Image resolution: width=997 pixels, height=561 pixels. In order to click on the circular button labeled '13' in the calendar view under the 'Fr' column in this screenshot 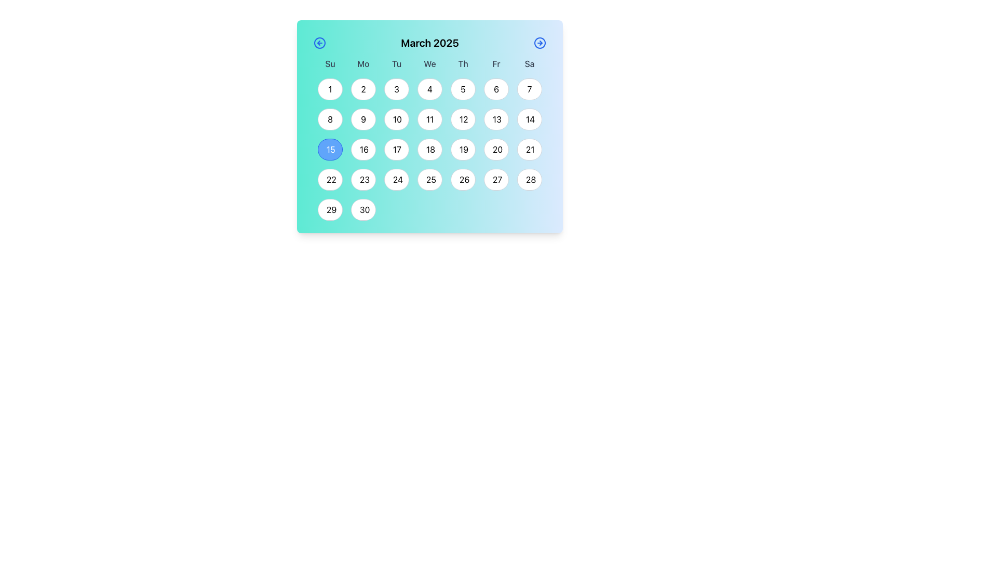, I will do `click(495, 119)`.